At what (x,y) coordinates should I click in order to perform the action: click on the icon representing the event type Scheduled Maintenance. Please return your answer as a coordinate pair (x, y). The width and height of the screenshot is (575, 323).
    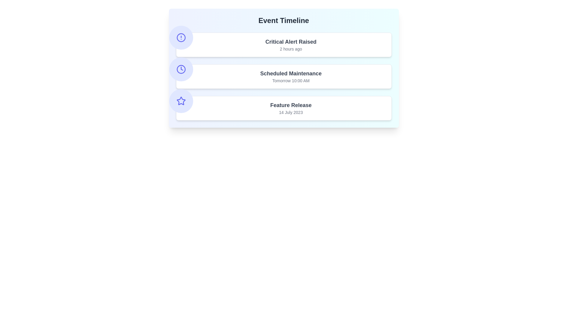
    Looking at the image, I should click on (181, 69).